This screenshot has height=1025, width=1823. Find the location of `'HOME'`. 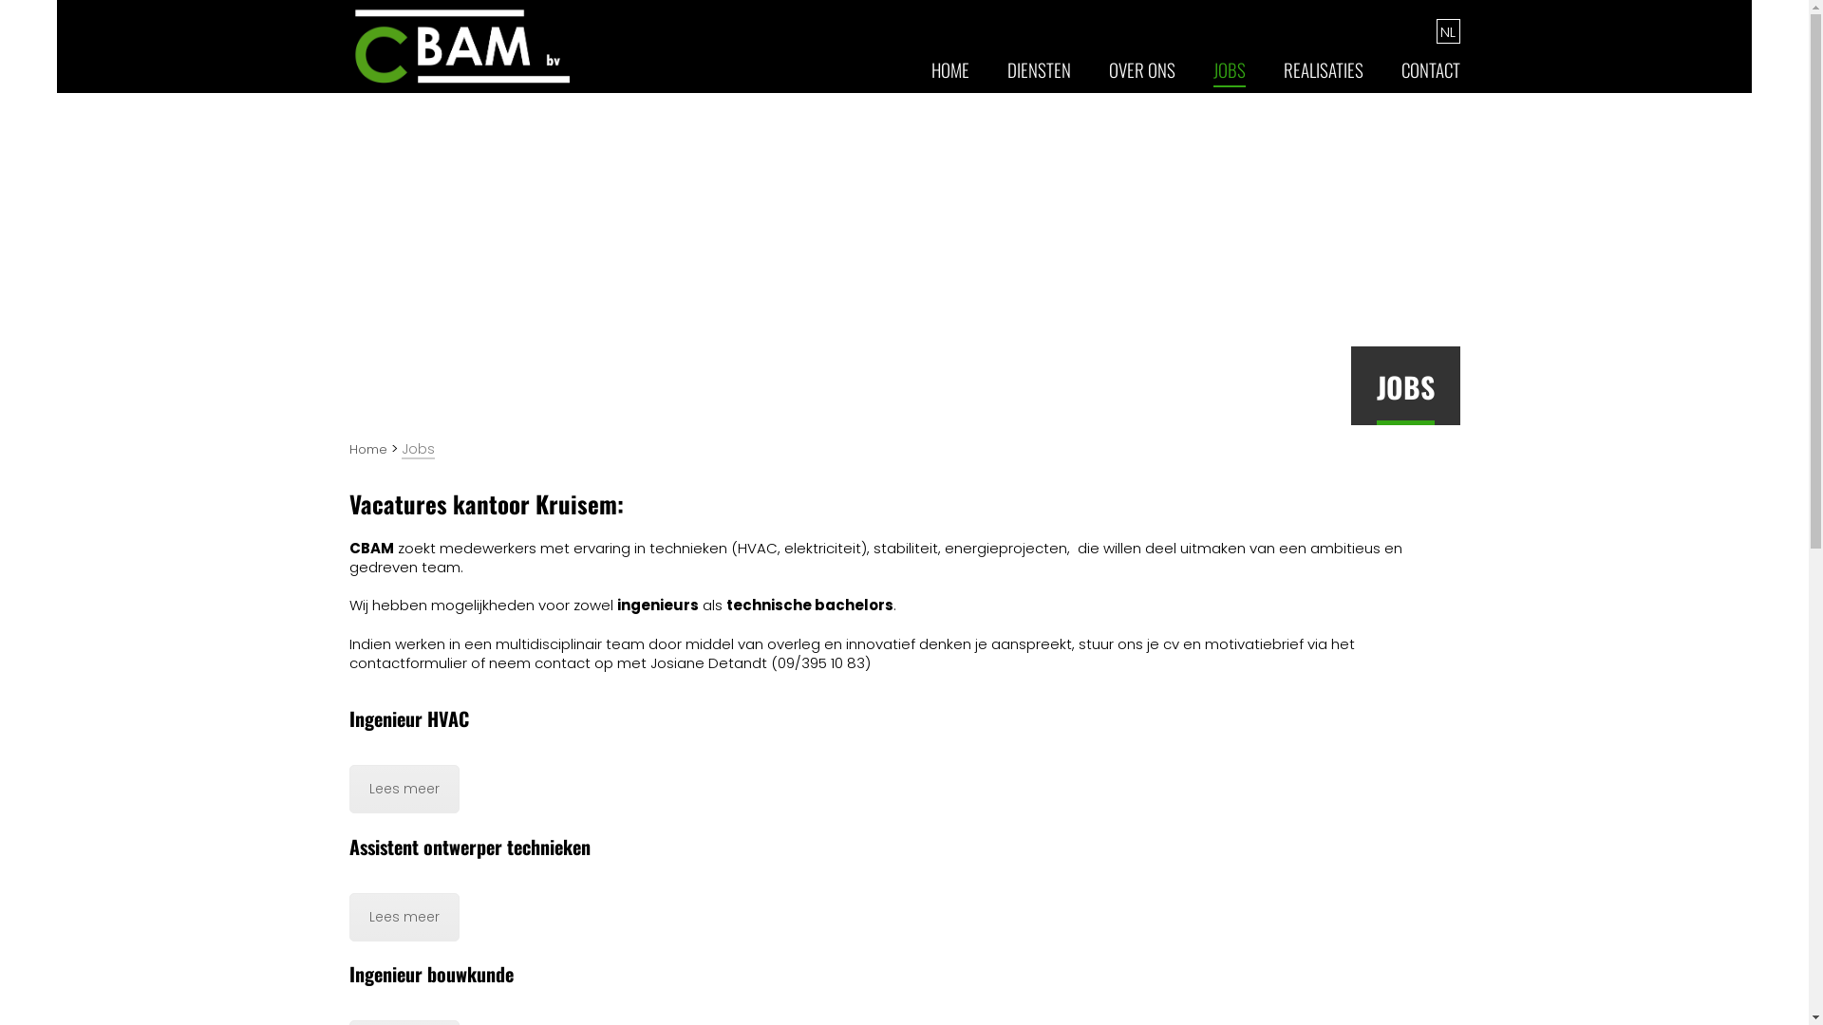

'HOME' is located at coordinates (949, 76).